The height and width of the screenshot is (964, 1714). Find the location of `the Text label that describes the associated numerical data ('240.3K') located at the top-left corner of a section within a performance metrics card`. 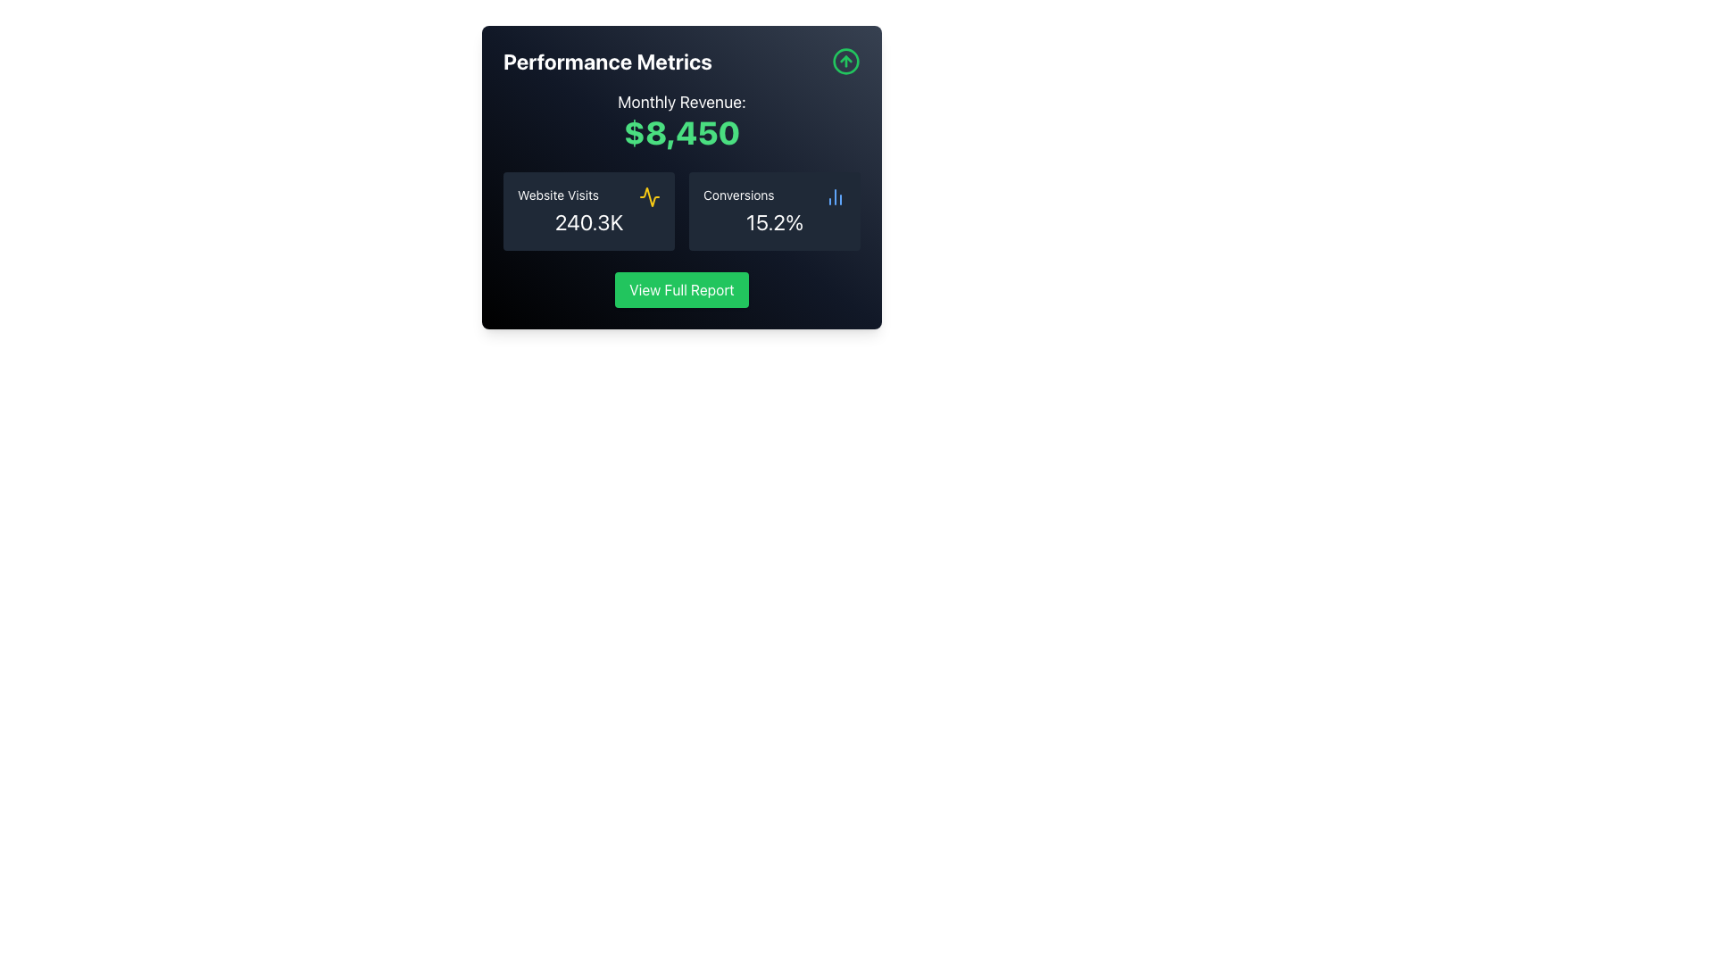

the Text label that describes the associated numerical data ('240.3K') located at the top-left corner of a section within a performance metrics card is located at coordinates (557, 196).